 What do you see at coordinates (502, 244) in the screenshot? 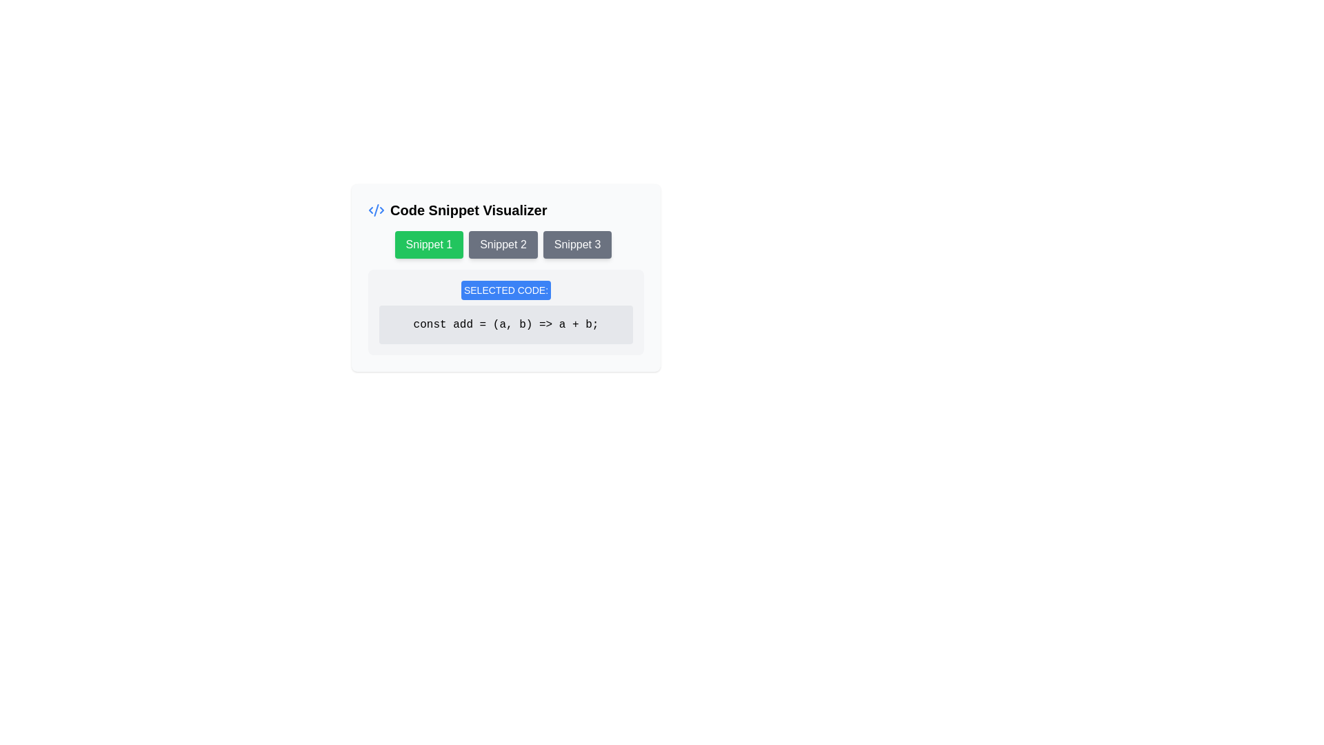
I see `the 'Snippet 2' button using keyboard navigation` at bounding box center [502, 244].